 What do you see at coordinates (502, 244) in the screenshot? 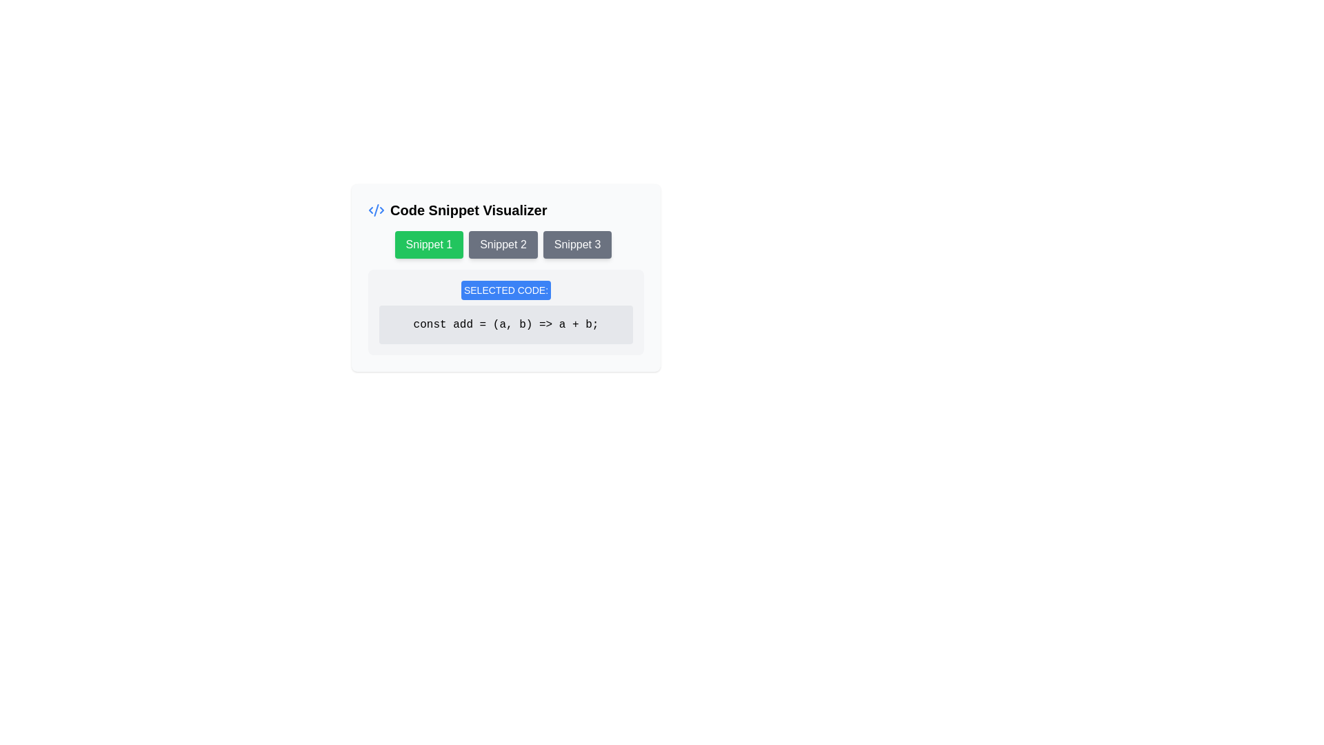
I see `the 'Snippet 2' button using keyboard navigation` at bounding box center [502, 244].